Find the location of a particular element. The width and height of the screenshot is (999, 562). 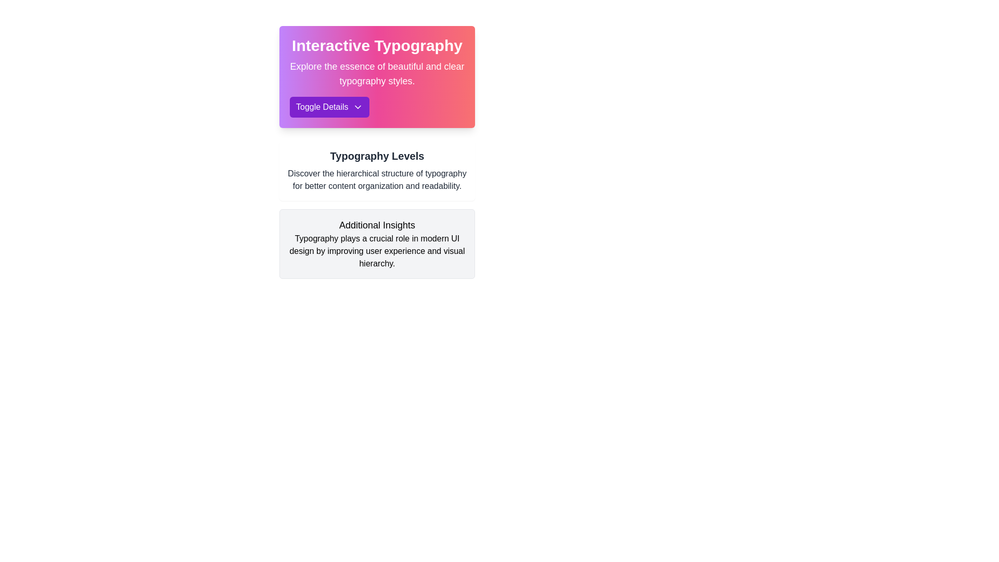

the Text Label within the button that toggles visibility of details, located near the center of the button beneath the heading 'Interactive Typography' is located at coordinates (322, 107).